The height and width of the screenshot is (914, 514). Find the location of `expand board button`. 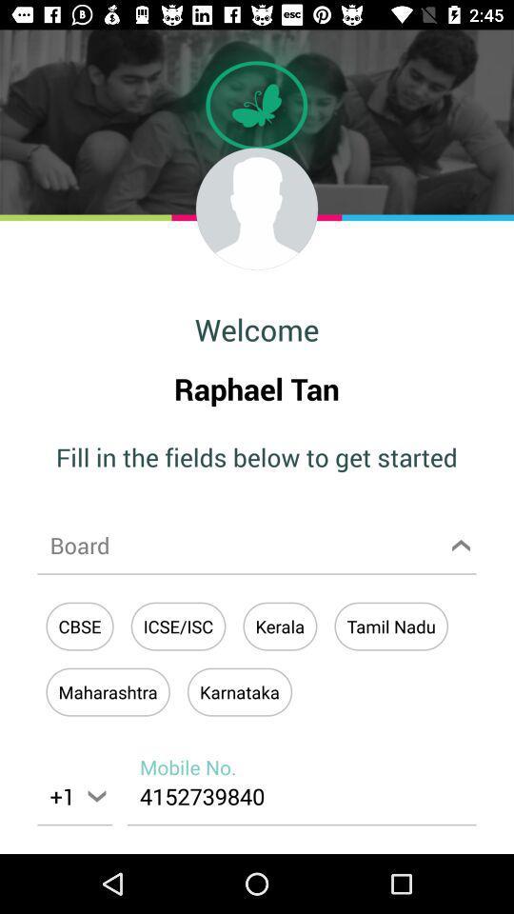

expand board button is located at coordinates (257, 545).